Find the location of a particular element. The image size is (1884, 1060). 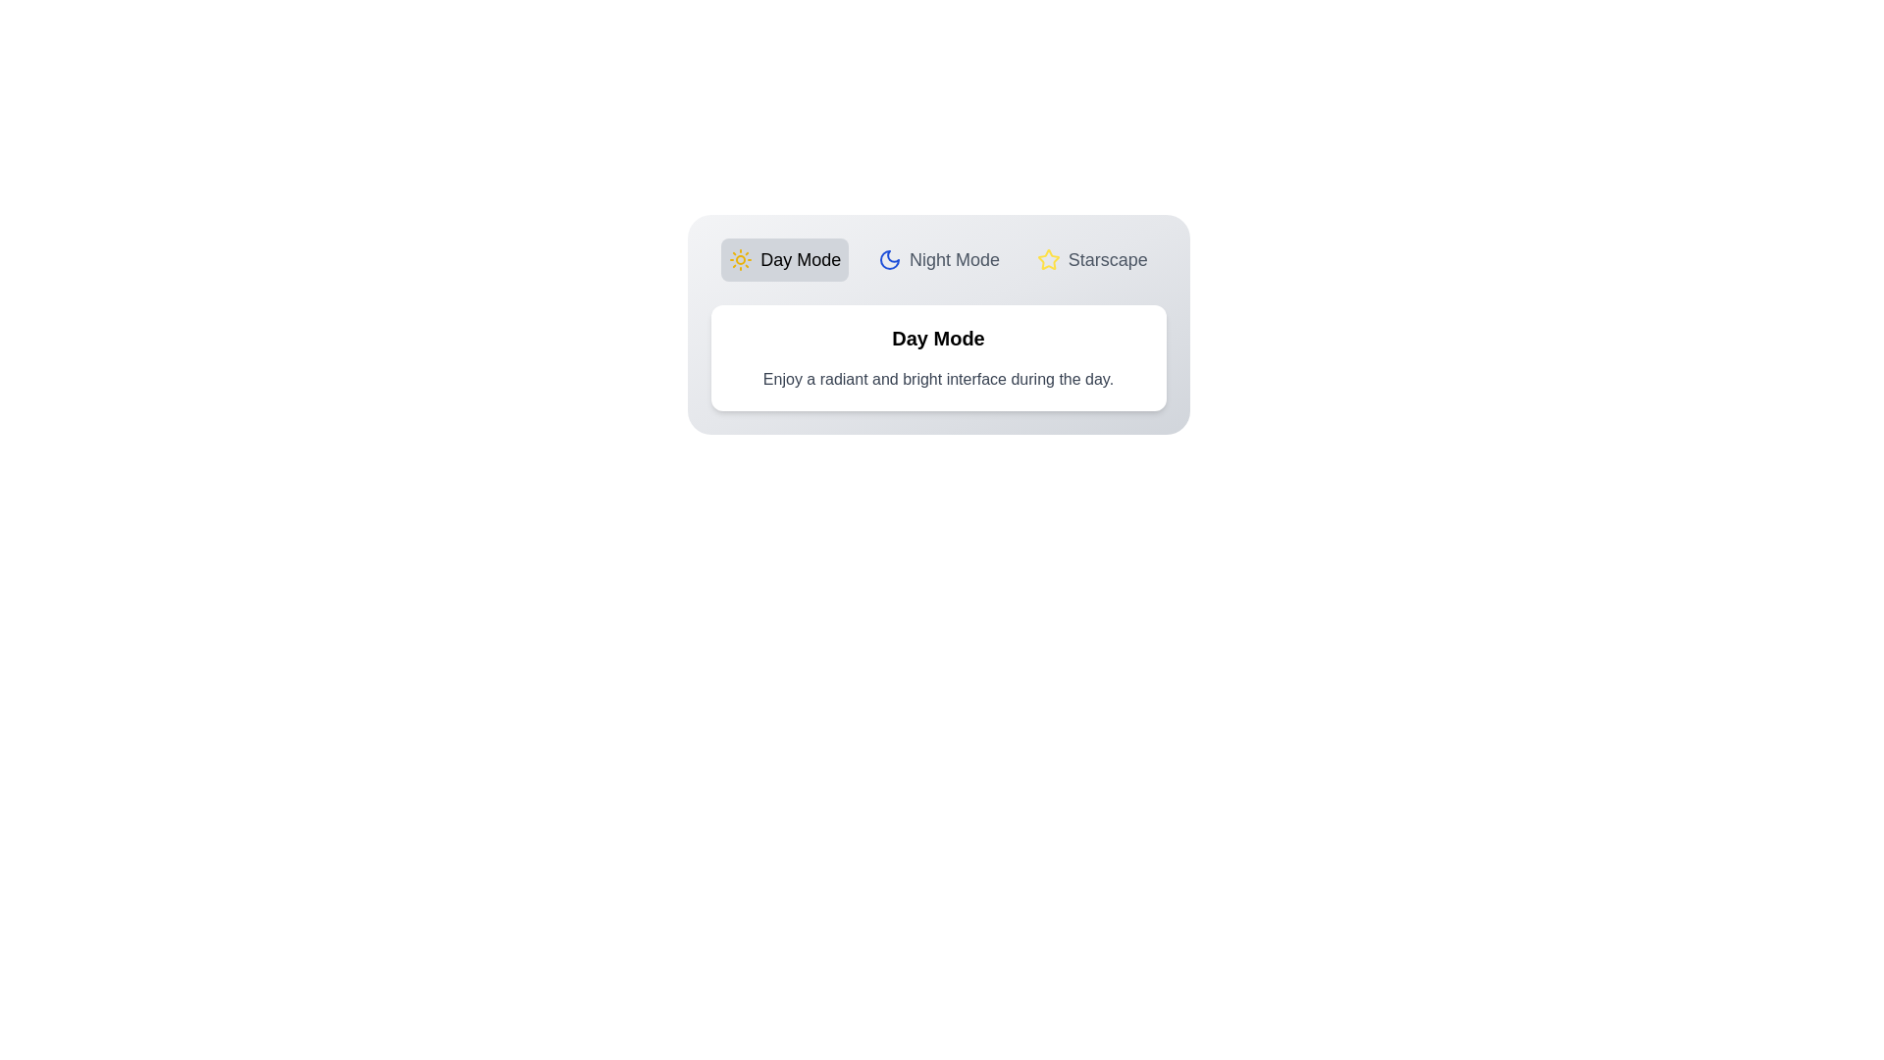

the tab labeled Night Mode to observe its hover effect is located at coordinates (937, 259).